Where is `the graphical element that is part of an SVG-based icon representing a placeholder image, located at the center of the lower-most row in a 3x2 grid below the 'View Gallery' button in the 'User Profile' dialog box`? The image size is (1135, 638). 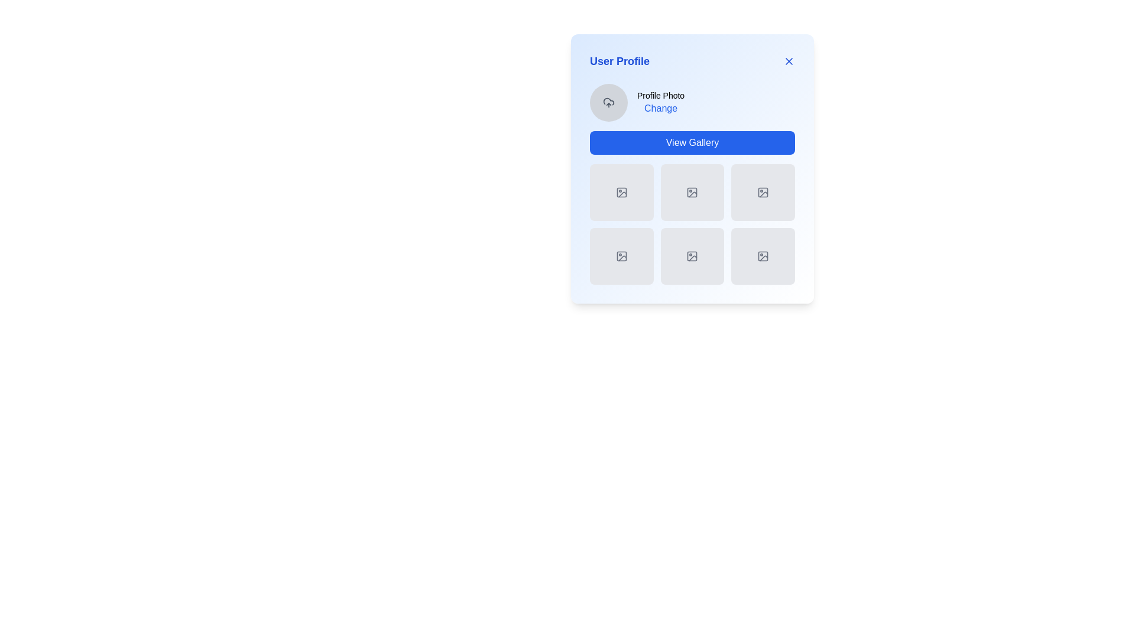 the graphical element that is part of an SVG-based icon representing a placeholder image, located at the center of the lower-most row in a 3x2 grid below the 'View Gallery' button in the 'User Profile' dialog box is located at coordinates (692, 256).